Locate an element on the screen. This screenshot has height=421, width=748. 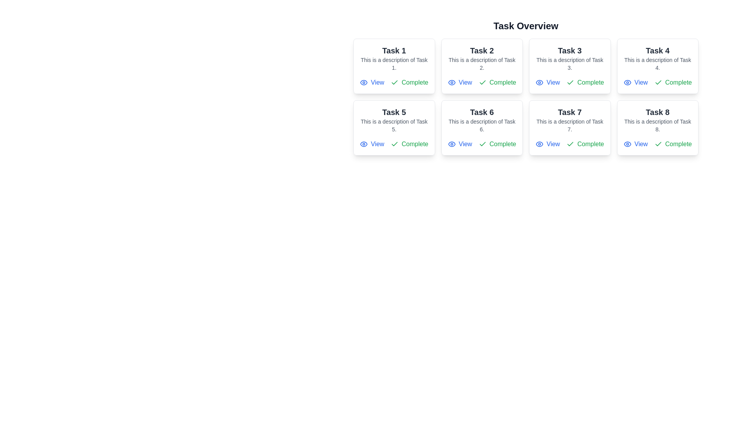
the completeness icon for 'Task 1', which is located between the 'View' blue icon and the 'Complete' green text is located at coordinates (394, 83).